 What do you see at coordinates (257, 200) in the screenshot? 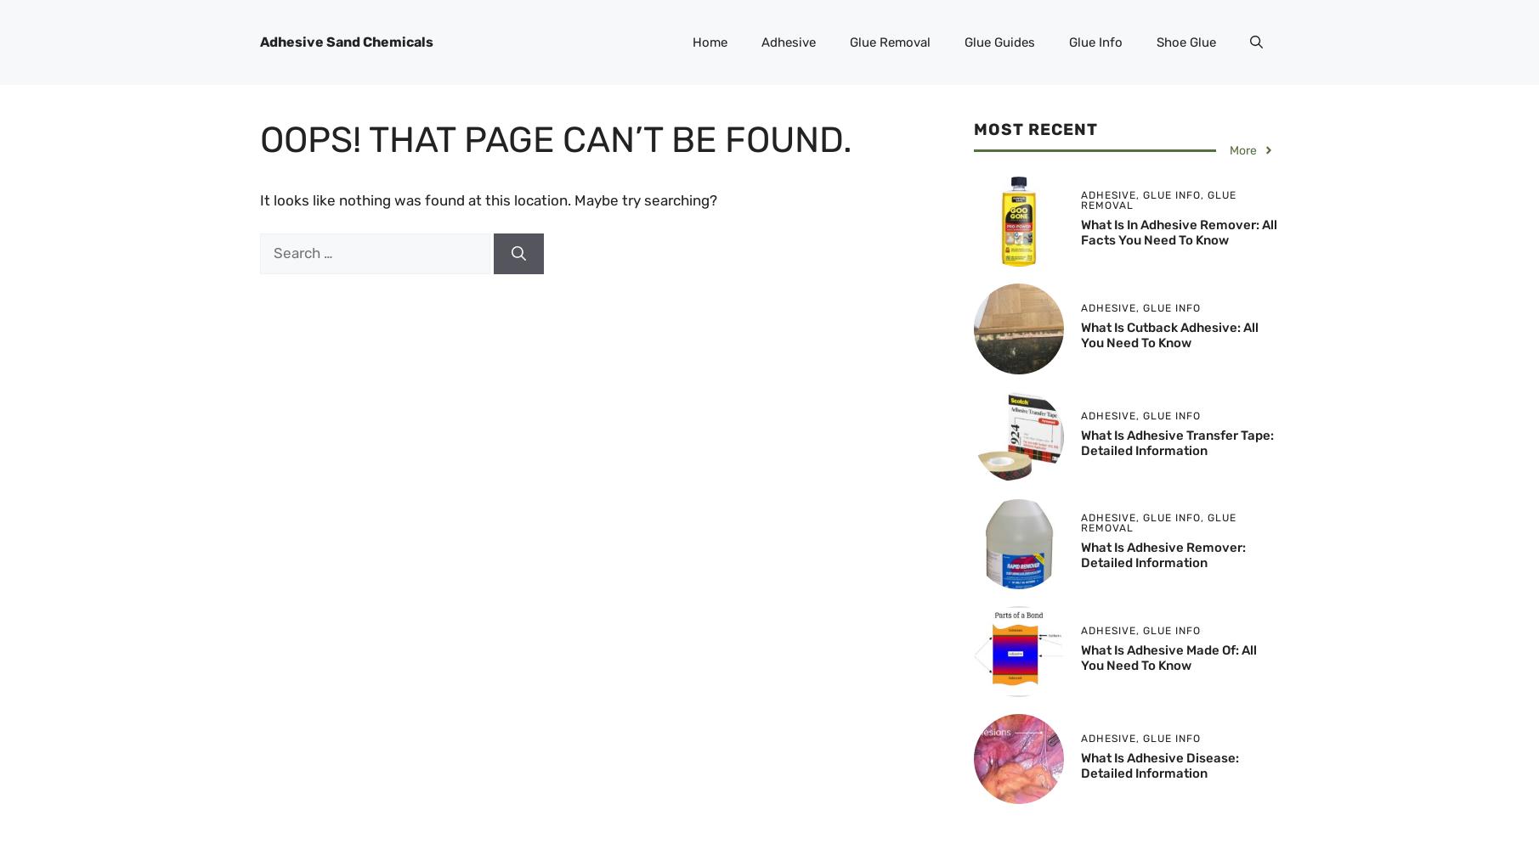
I see `'It looks like nothing was found at this location. Maybe try searching?'` at bounding box center [257, 200].